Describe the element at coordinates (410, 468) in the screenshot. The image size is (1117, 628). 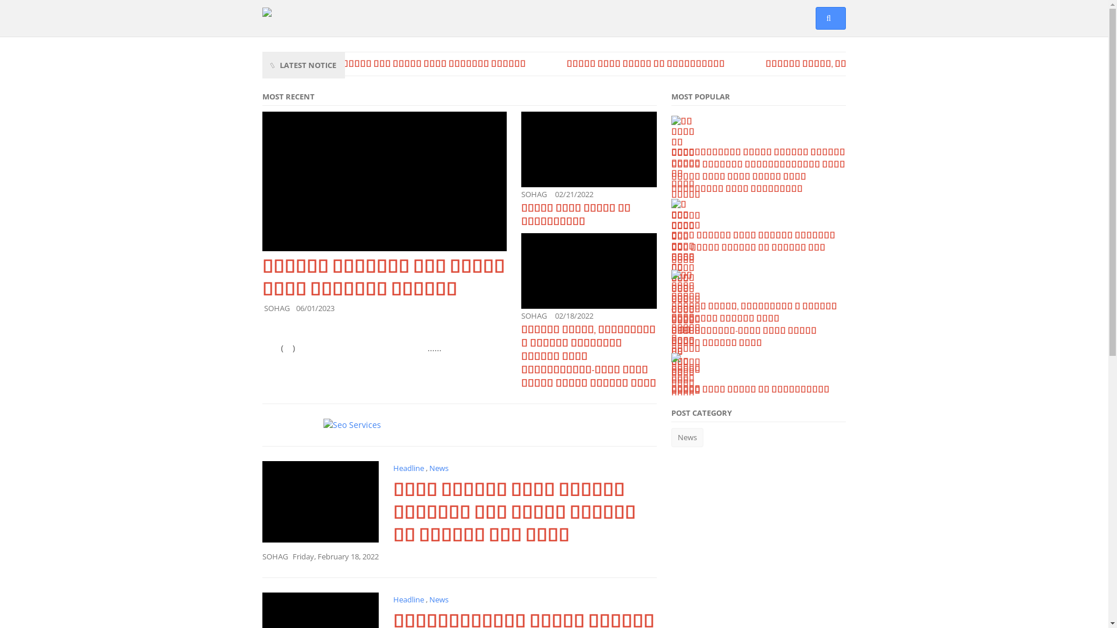
I see `'Headline'` at that location.